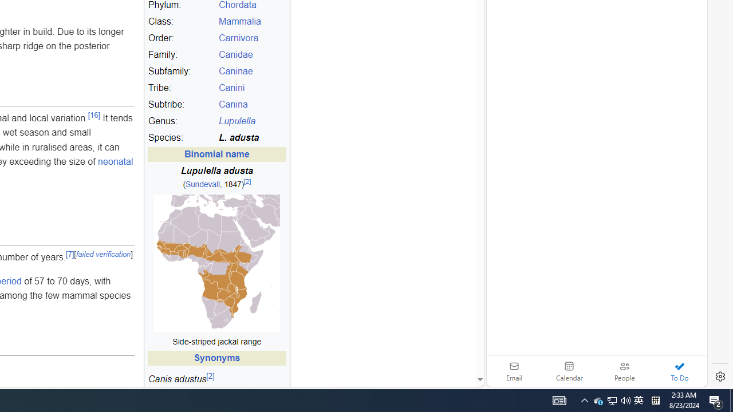  Describe the element at coordinates (231, 87) in the screenshot. I see `'Canini'` at that location.